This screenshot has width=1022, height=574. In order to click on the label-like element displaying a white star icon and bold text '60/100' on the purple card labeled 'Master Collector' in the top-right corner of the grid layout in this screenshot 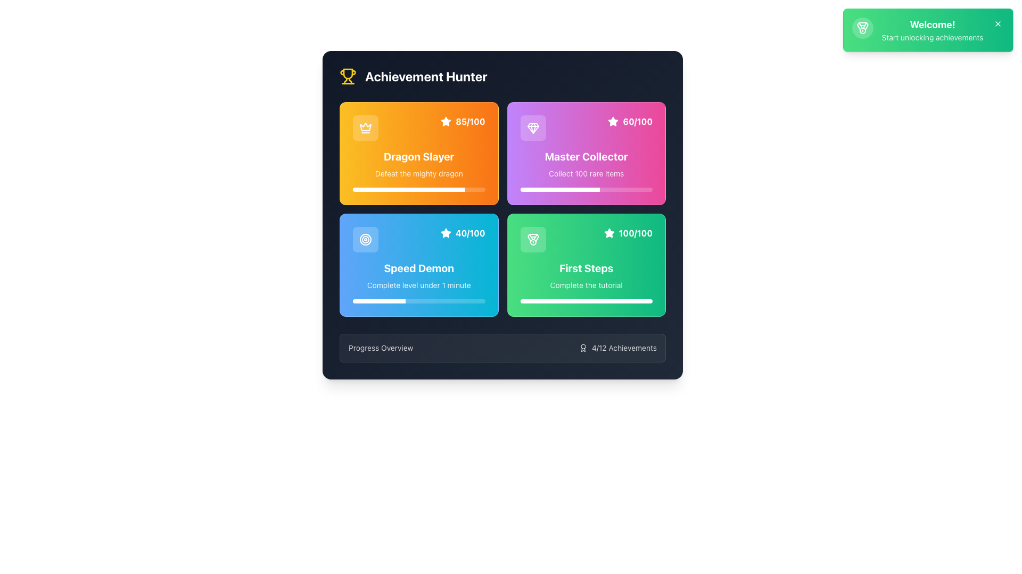, I will do `click(630, 121)`.